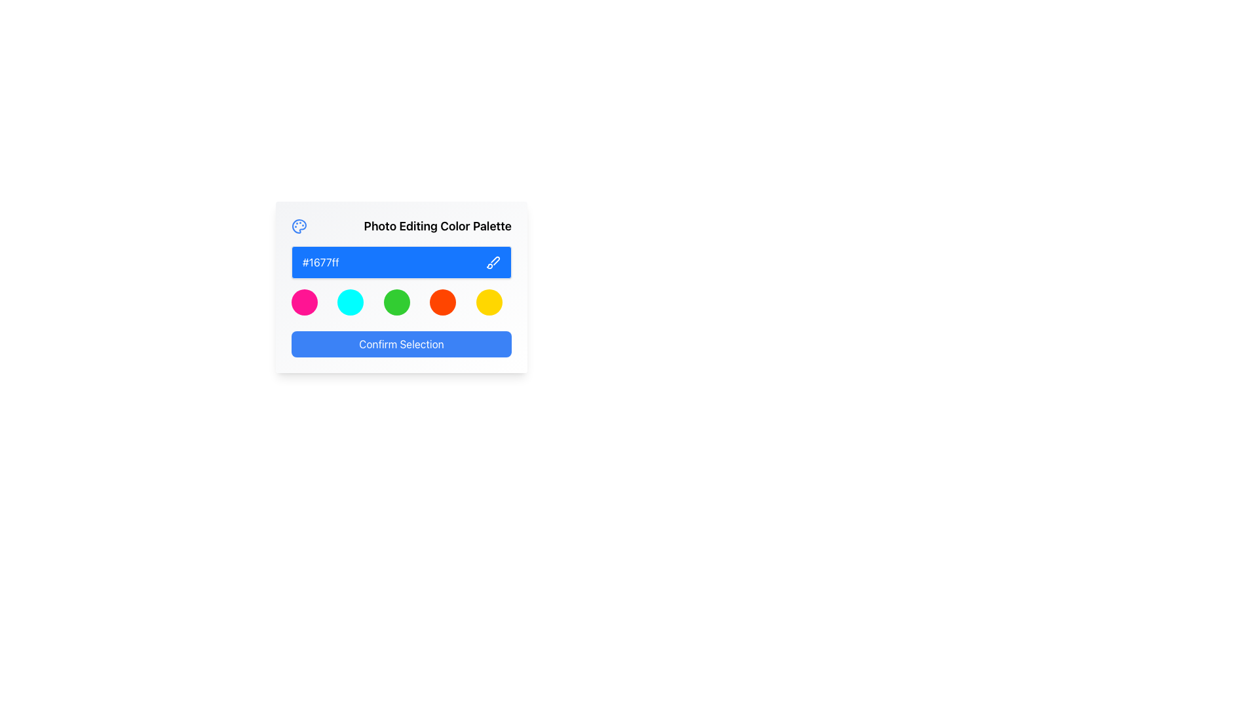  I want to click on the rectangular button with rounded corners labeled 'Confirm Selection', so click(401, 343).